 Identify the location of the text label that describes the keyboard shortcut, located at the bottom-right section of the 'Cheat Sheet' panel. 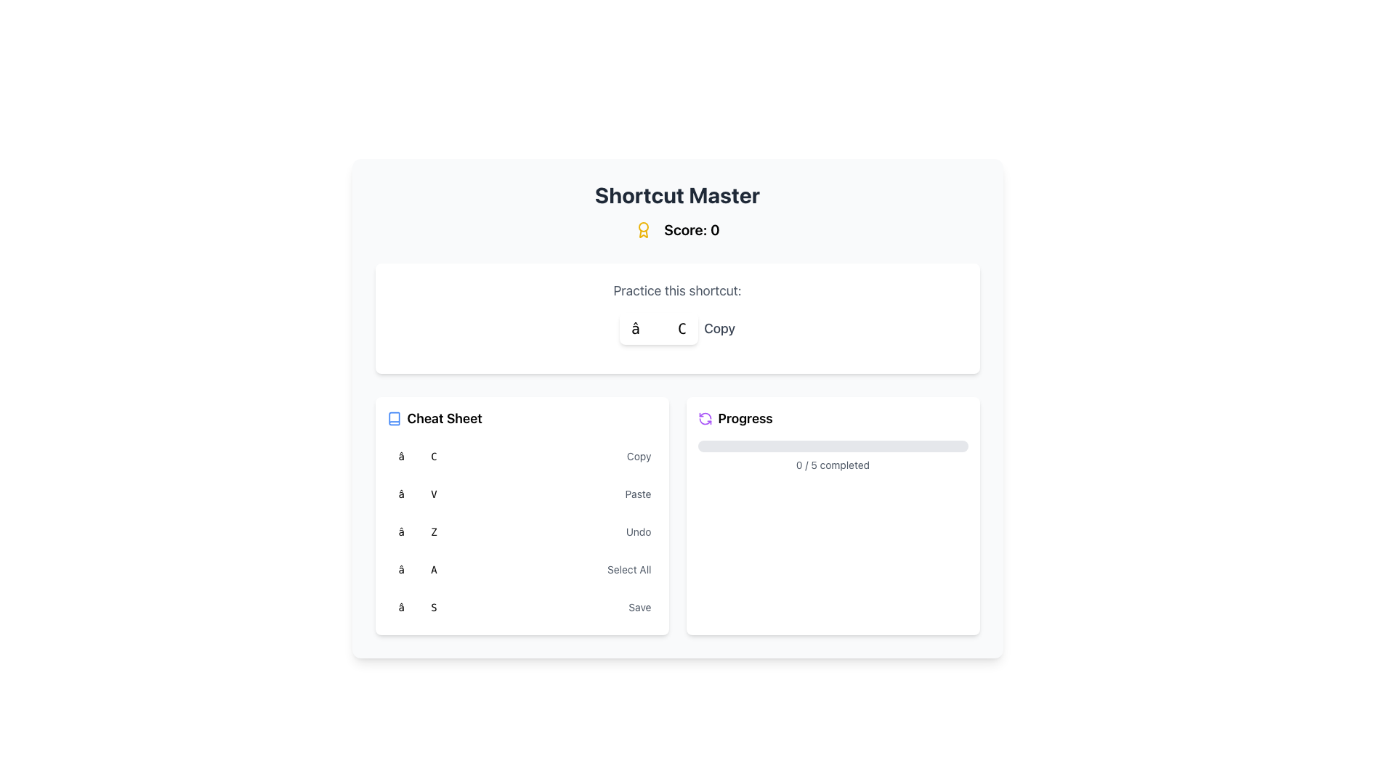
(639, 531).